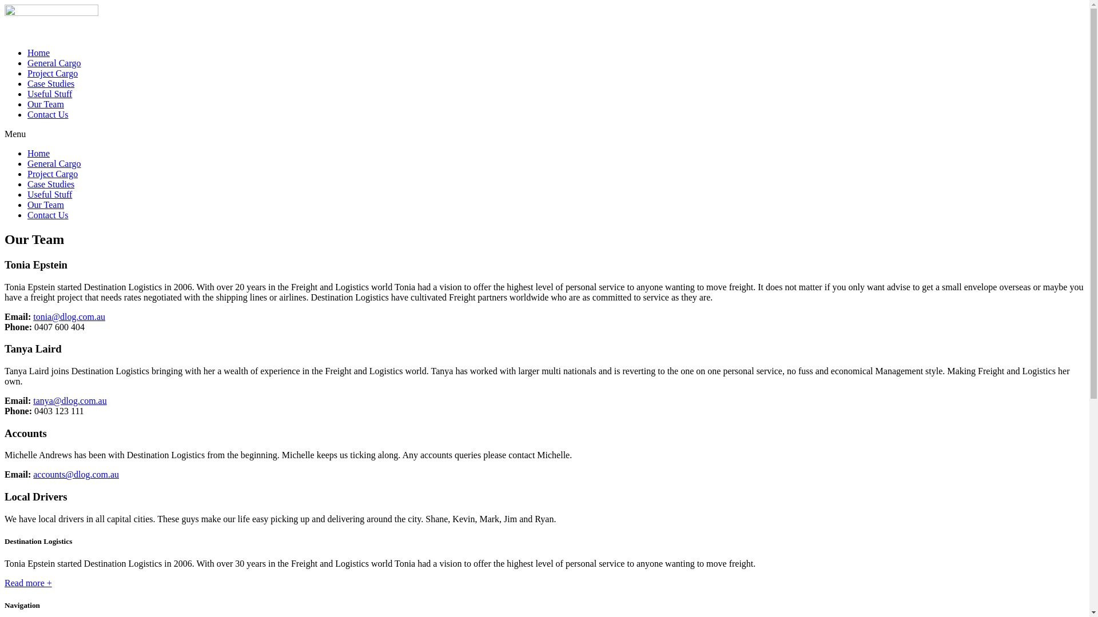 This screenshot has width=1098, height=617. Describe the element at coordinates (38, 53) in the screenshot. I see `'Home'` at that location.